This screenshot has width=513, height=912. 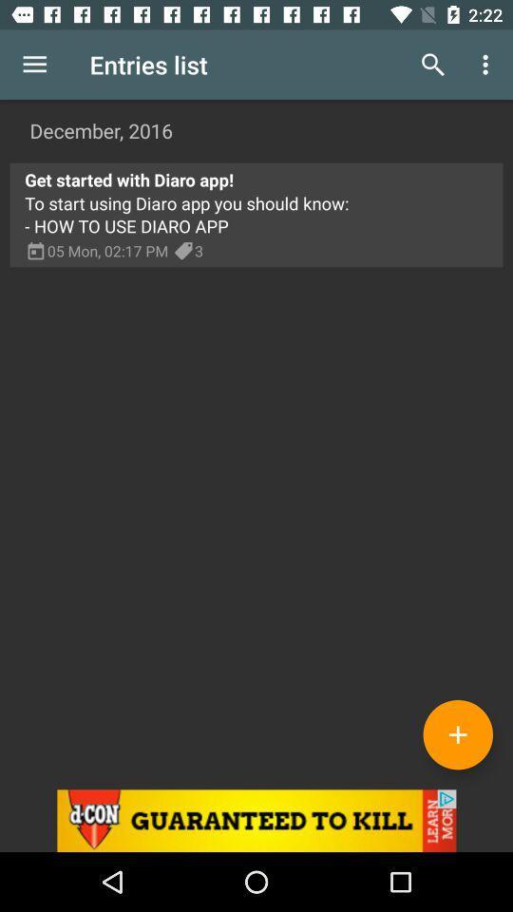 What do you see at coordinates (457, 733) in the screenshot?
I see `write a new message` at bounding box center [457, 733].